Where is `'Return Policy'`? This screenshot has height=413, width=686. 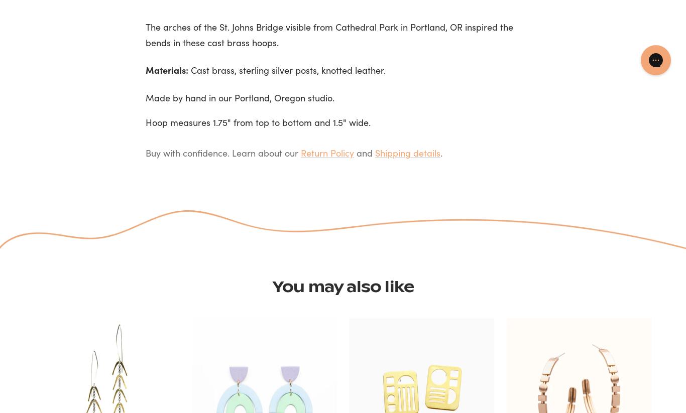 'Return Policy' is located at coordinates (300, 152).